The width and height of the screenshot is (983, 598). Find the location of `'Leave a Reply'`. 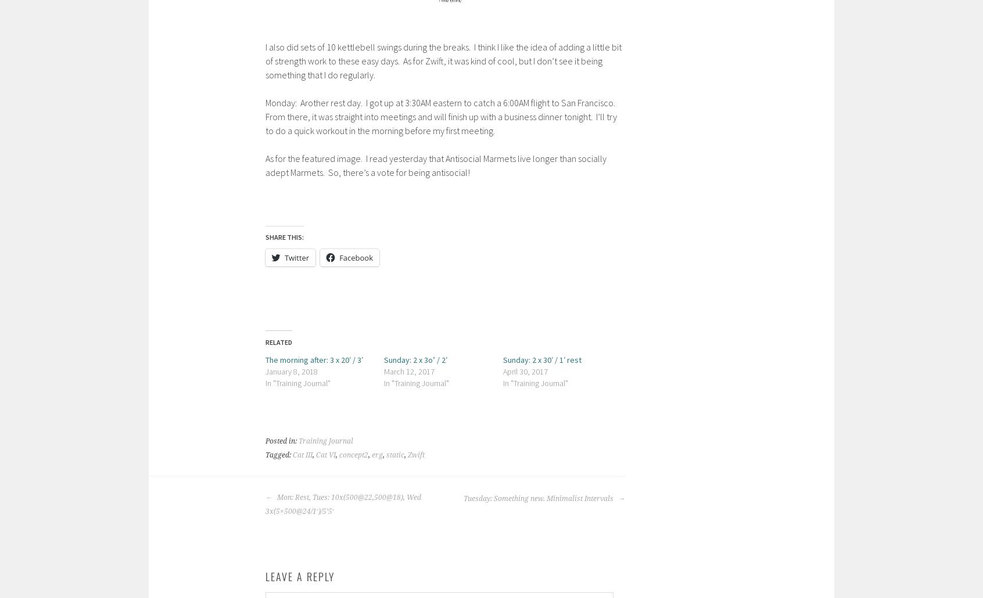

'Leave a Reply' is located at coordinates (300, 575).